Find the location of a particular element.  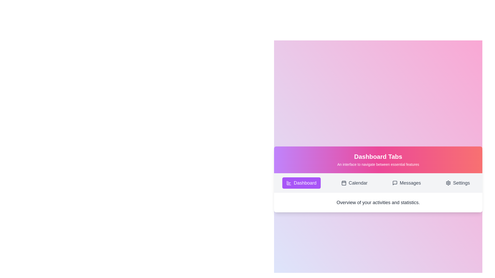

the calendar icon located in the navigation bar below the header, which is easily distinguishable due to its contrasting color and minimalistic design is located at coordinates (344, 183).